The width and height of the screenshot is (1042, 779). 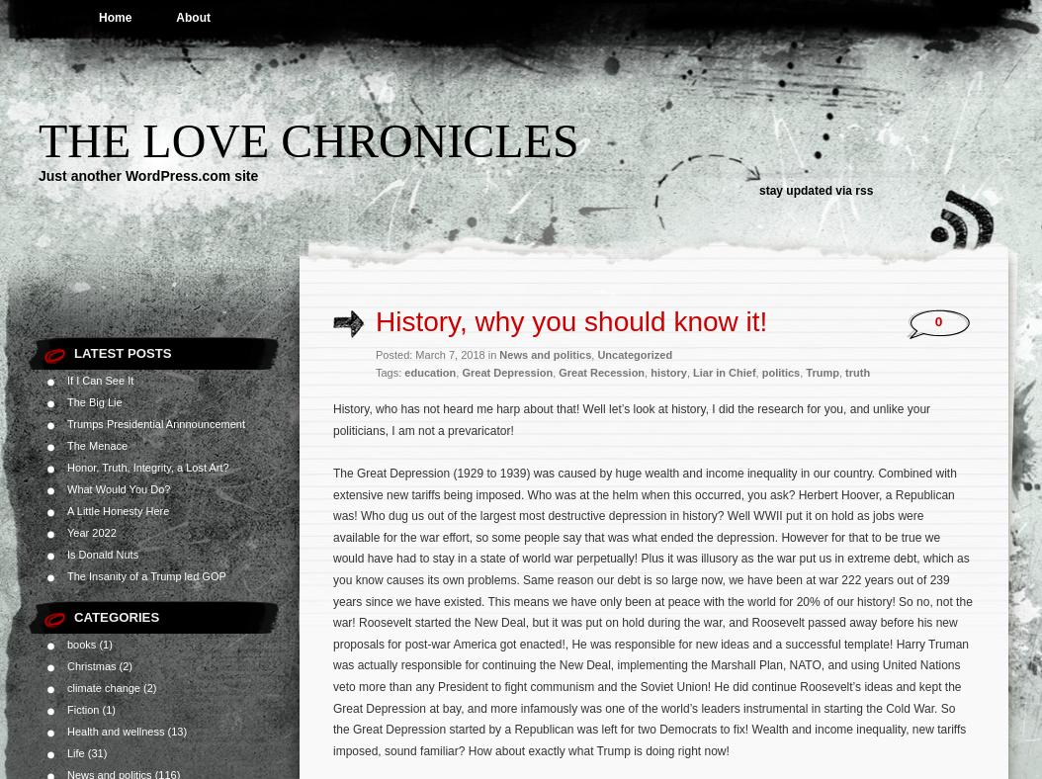 What do you see at coordinates (74, 752) in the screenshot?
I see `'Life'` at bounding box center [74, 752].